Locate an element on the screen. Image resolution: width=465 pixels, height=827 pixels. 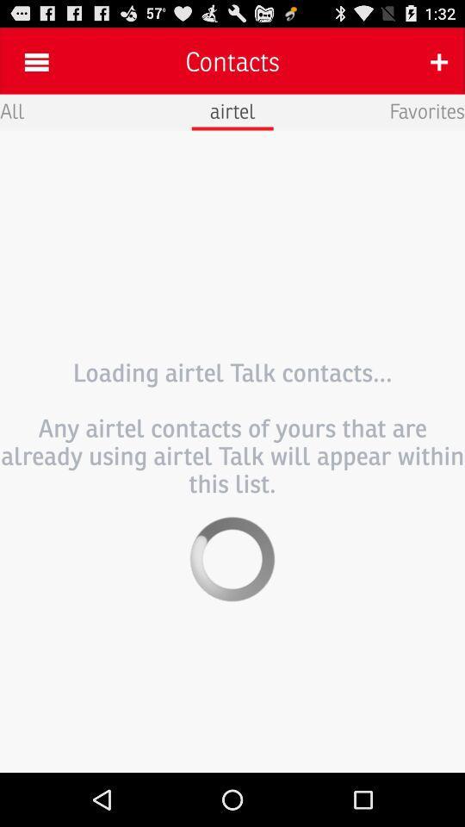
the favorites icon is located at coordinates (426, 109).